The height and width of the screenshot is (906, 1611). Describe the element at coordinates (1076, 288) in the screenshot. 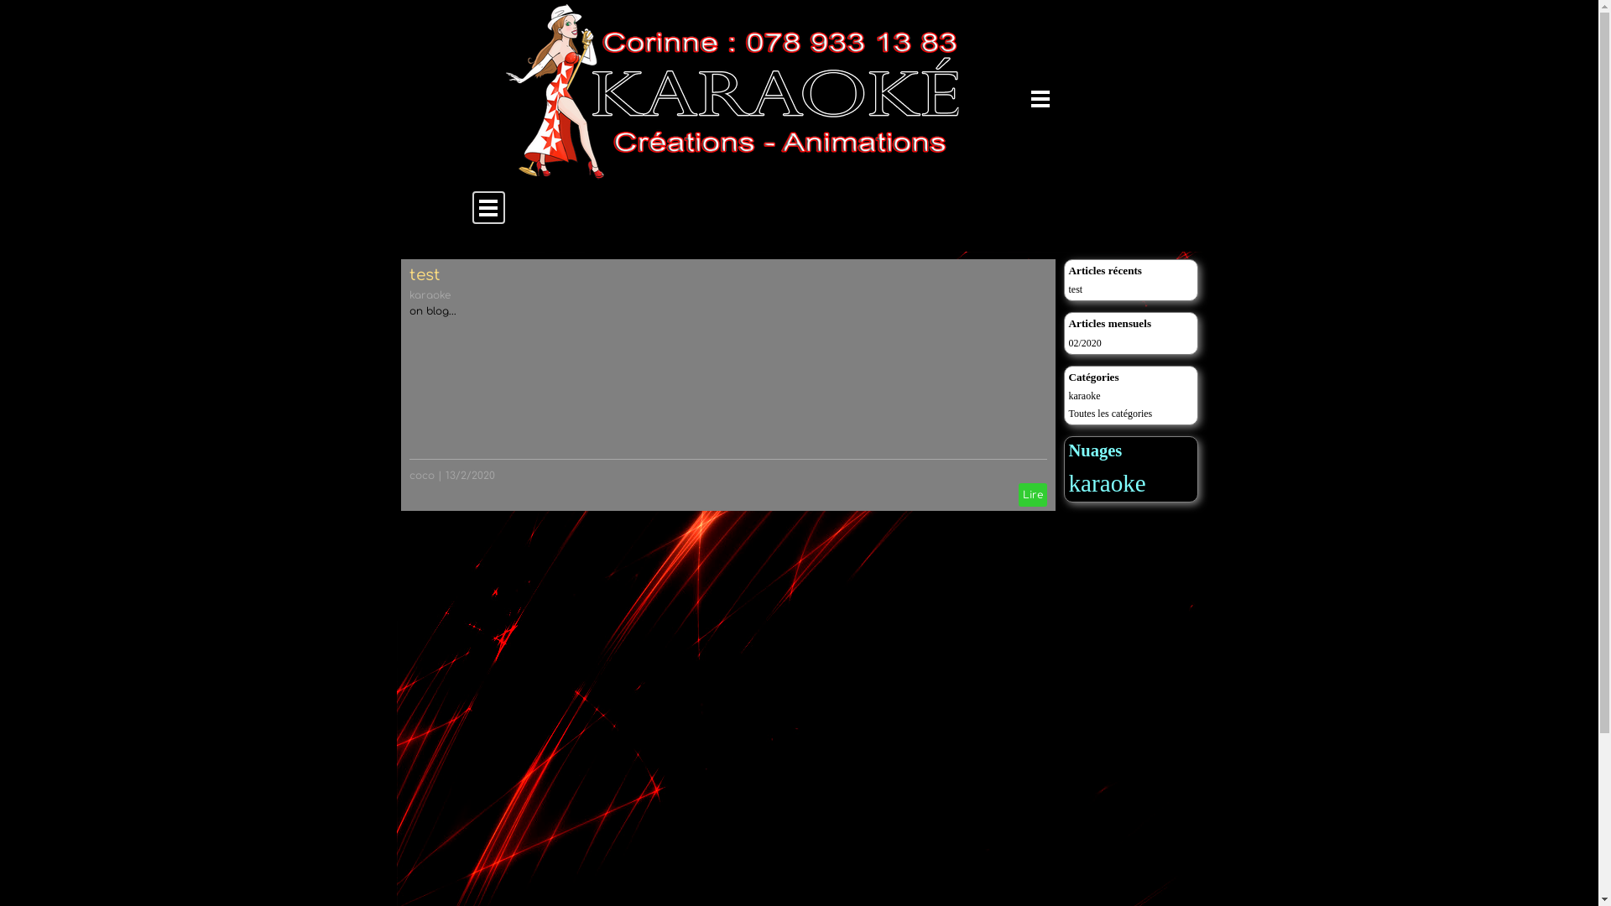

I see `'test'` at that location.